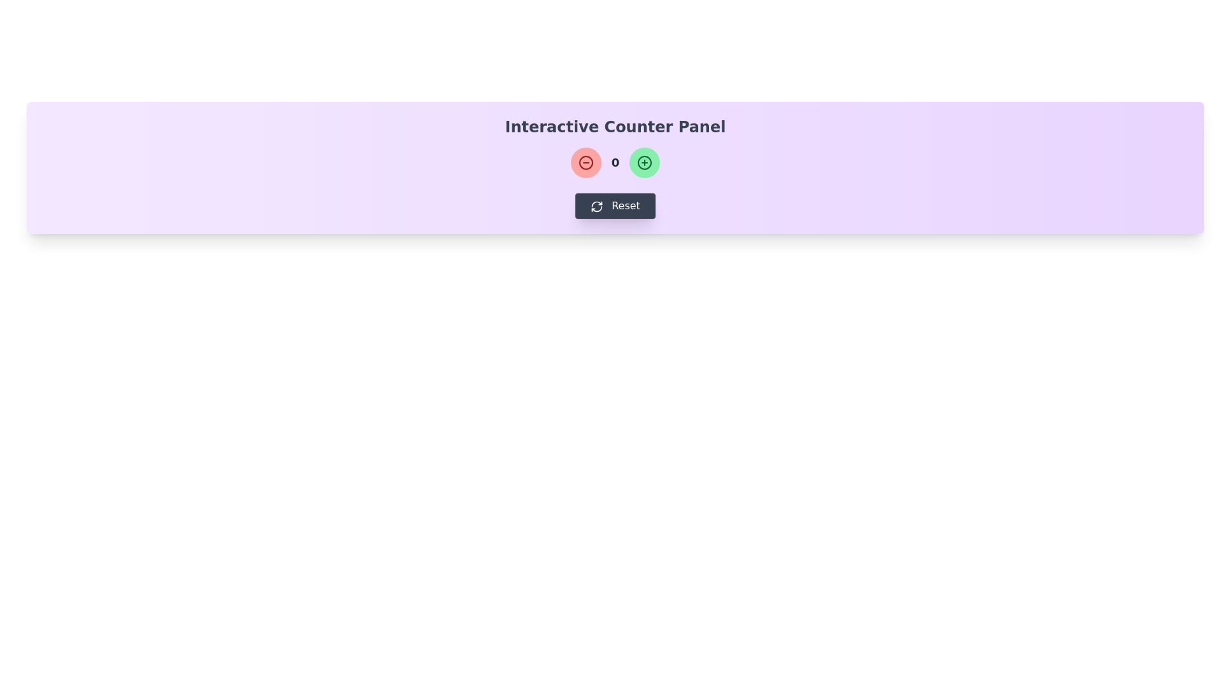 The image size is (1222, 687). Describe the element at coordinates (615, 162) in the screenshot. I see `the counter display element that shows the current count value in the interactive counter panel, positioned between a red minus button and a green plus button` at that location.